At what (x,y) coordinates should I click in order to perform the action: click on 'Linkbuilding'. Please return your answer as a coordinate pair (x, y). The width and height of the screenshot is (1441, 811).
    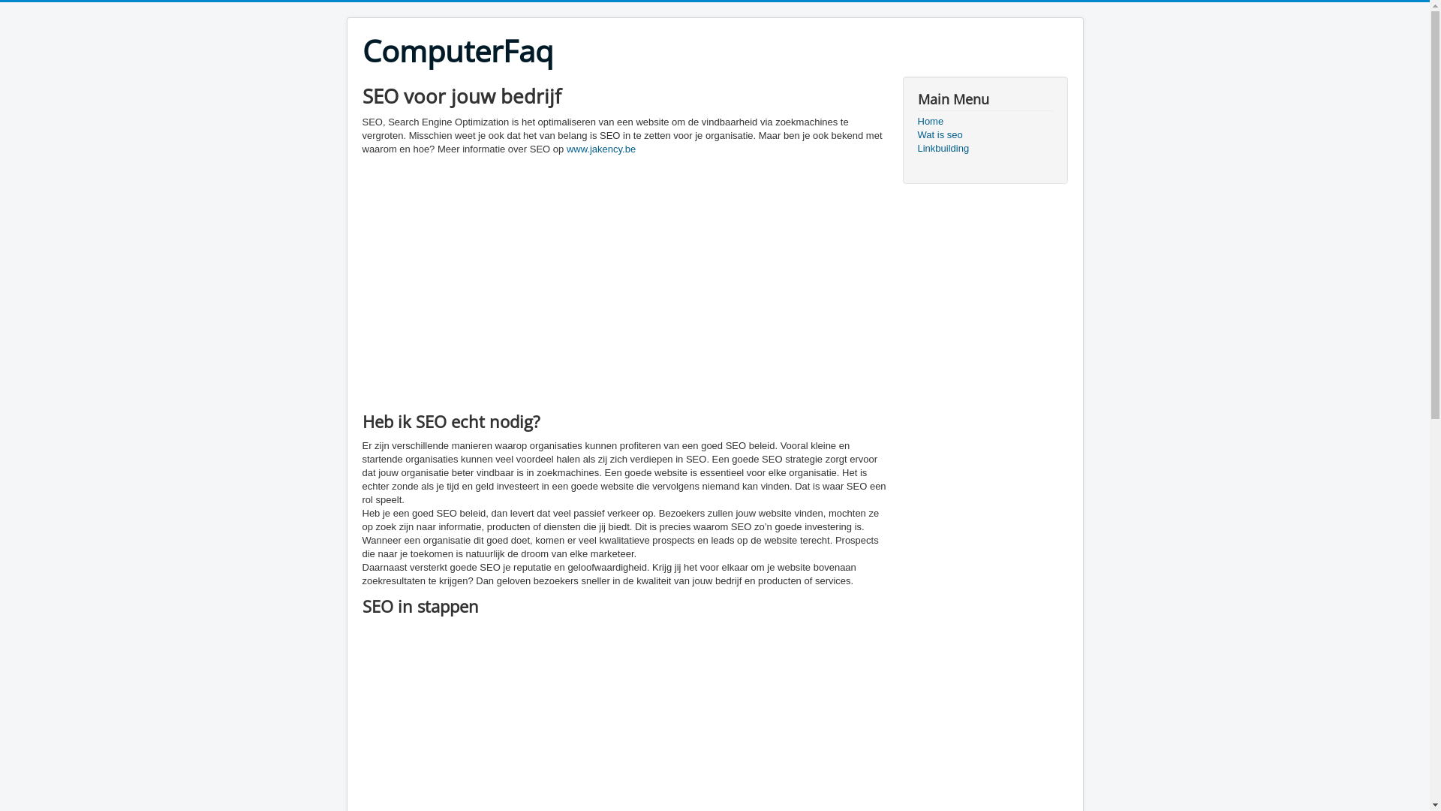
    Looking at the image, I should click on (984, 148).